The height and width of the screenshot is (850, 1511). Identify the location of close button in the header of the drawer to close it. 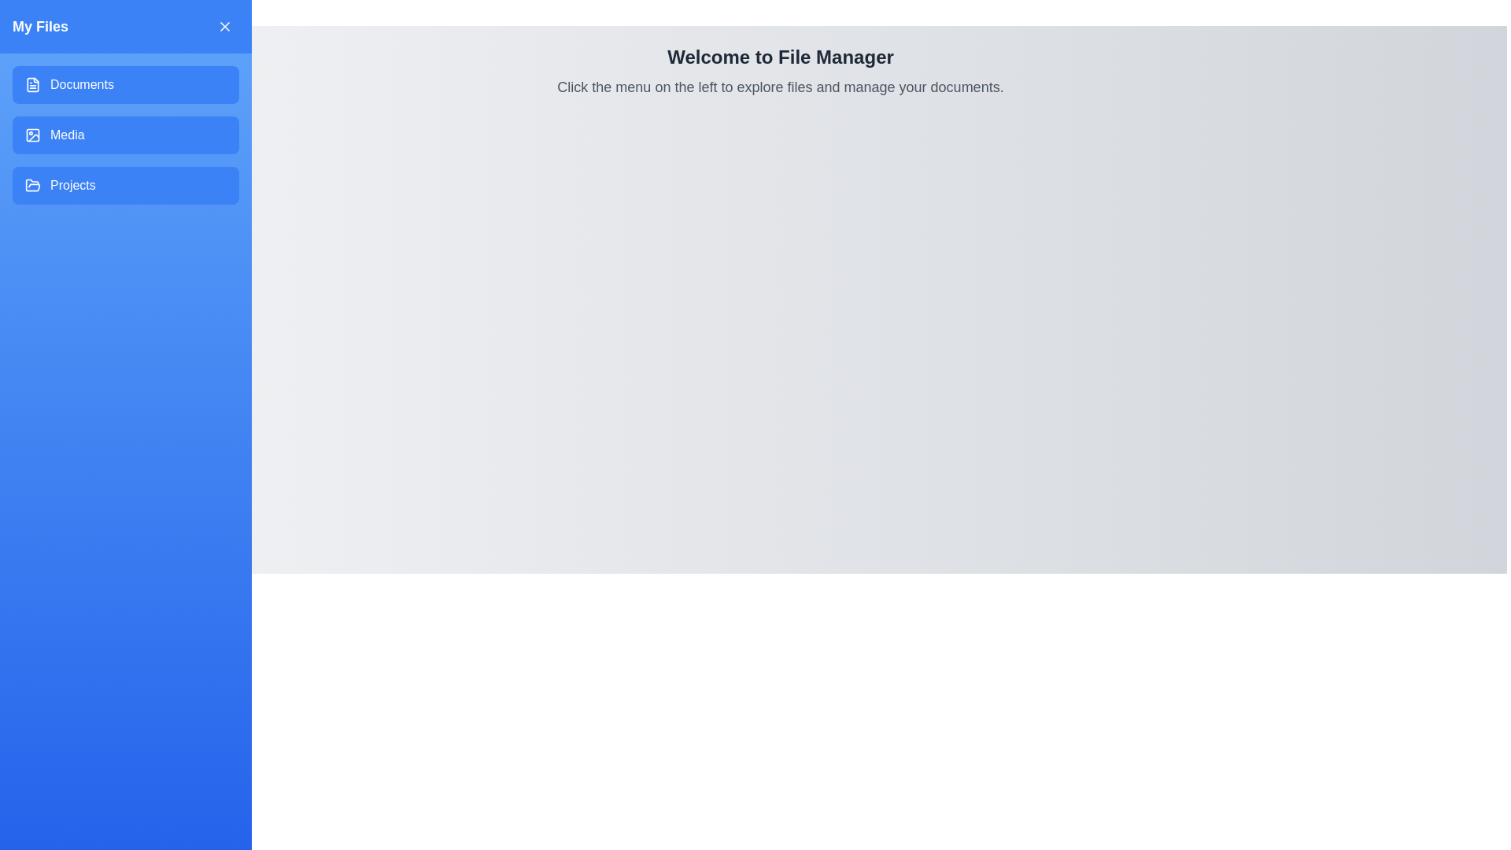
(224, 27).